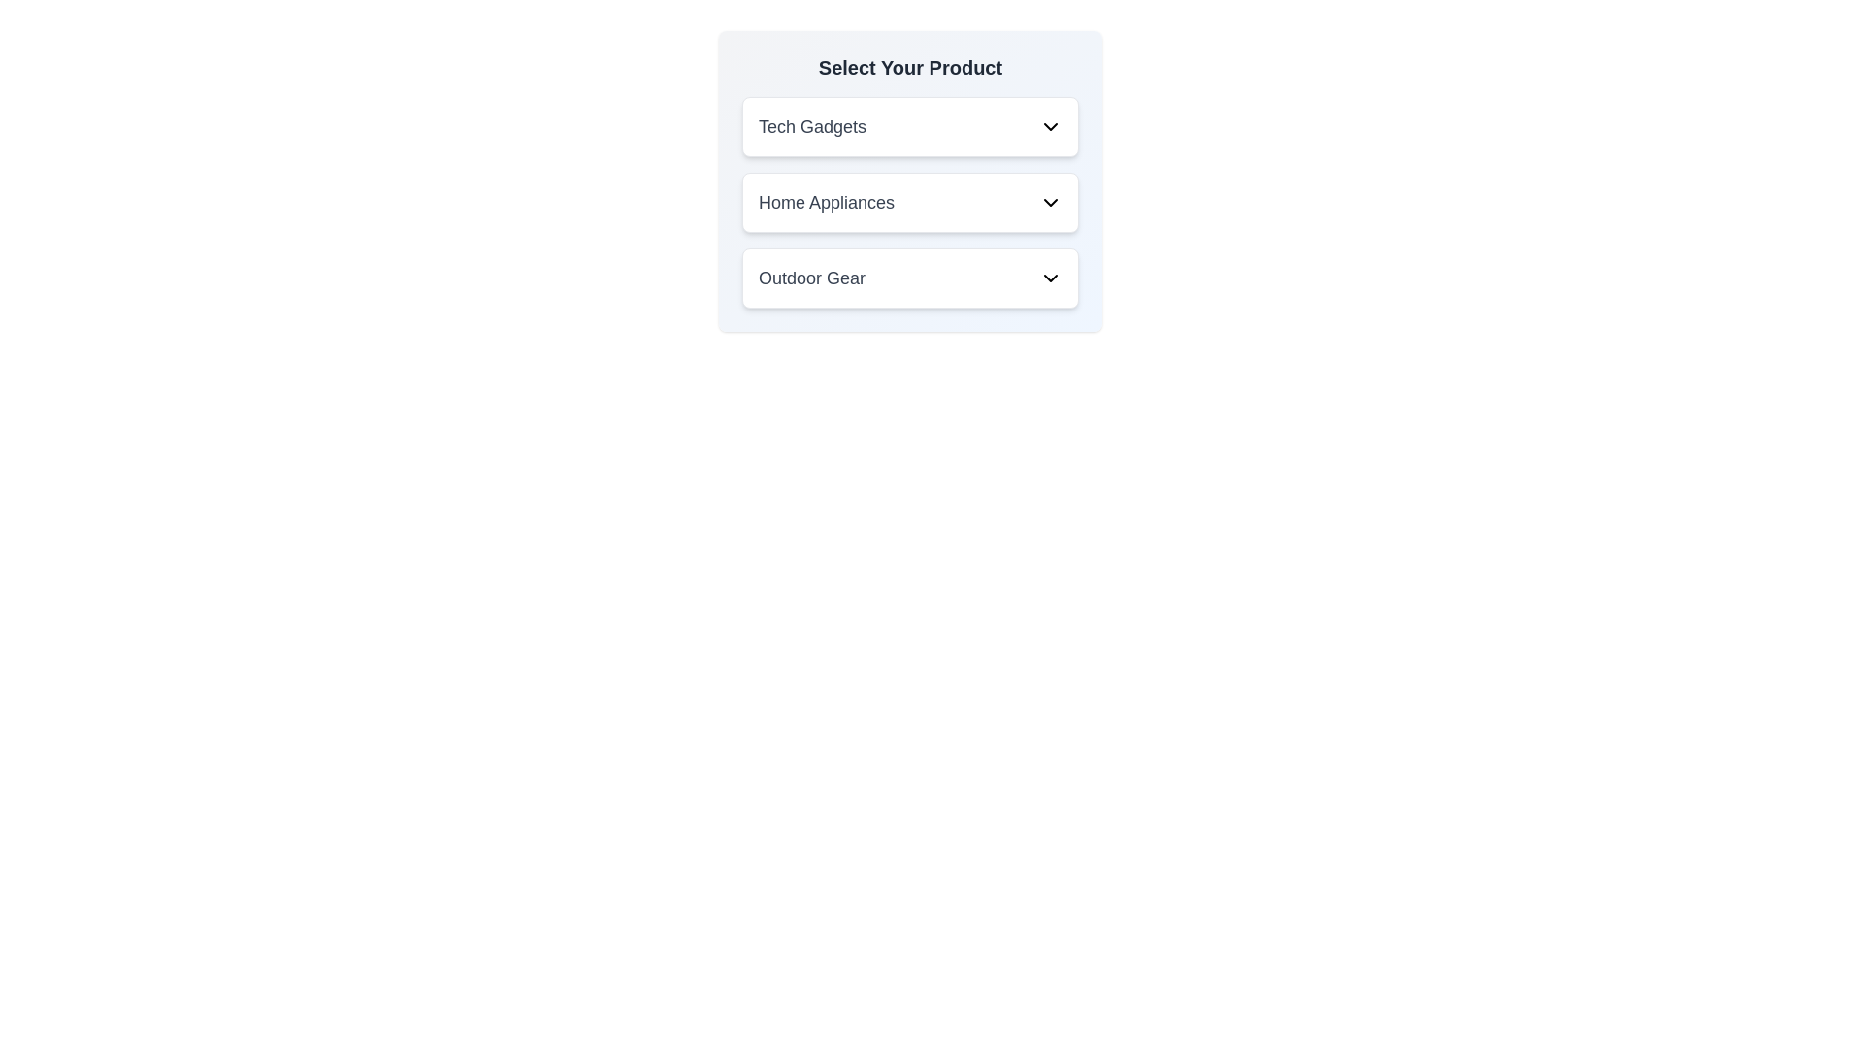 Image resolution: width=1863 pixels, height=1048 pixels. Describe the element at coordinates (1050, 278) in the screenshot. I see `the downward-facing chevron icon located to the right of the text 'Outdoor Gear'` at that location.